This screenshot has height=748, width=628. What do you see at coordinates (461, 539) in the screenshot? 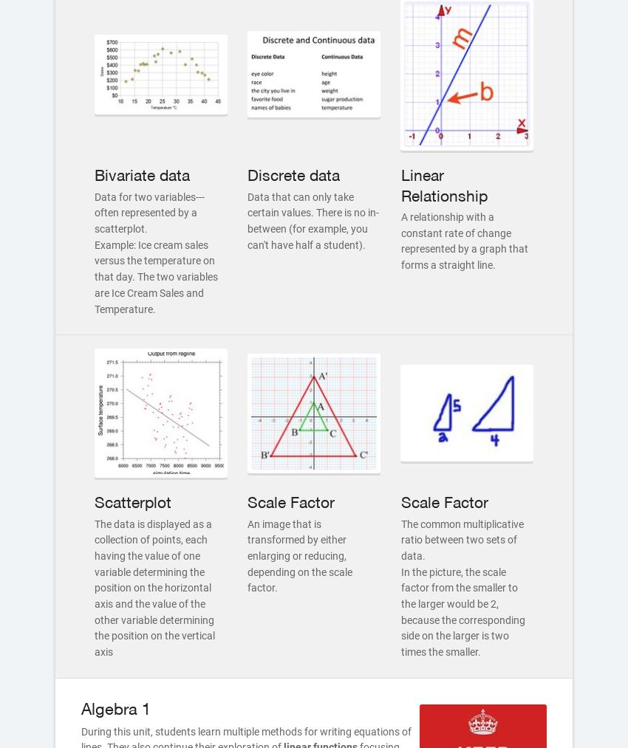
I see `'The common multiplicative ratio between two sets of data.'` at bounding box center [461, 539].